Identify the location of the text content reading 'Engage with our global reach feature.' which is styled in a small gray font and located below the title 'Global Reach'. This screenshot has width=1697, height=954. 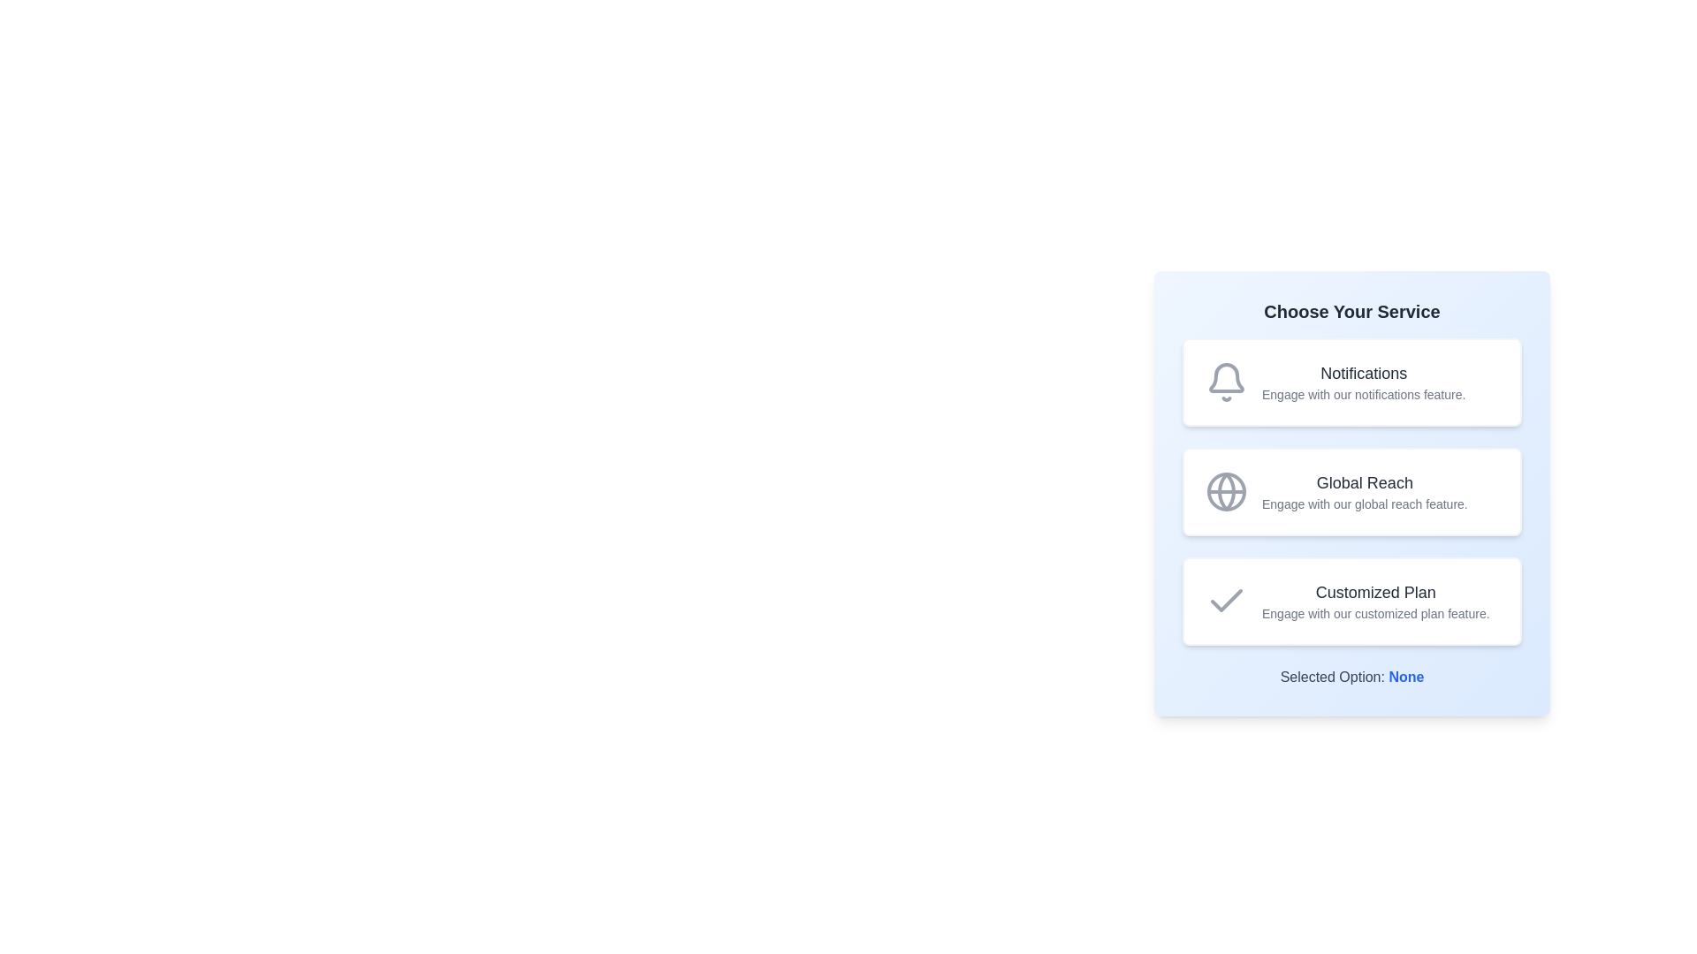
(1364, 503).